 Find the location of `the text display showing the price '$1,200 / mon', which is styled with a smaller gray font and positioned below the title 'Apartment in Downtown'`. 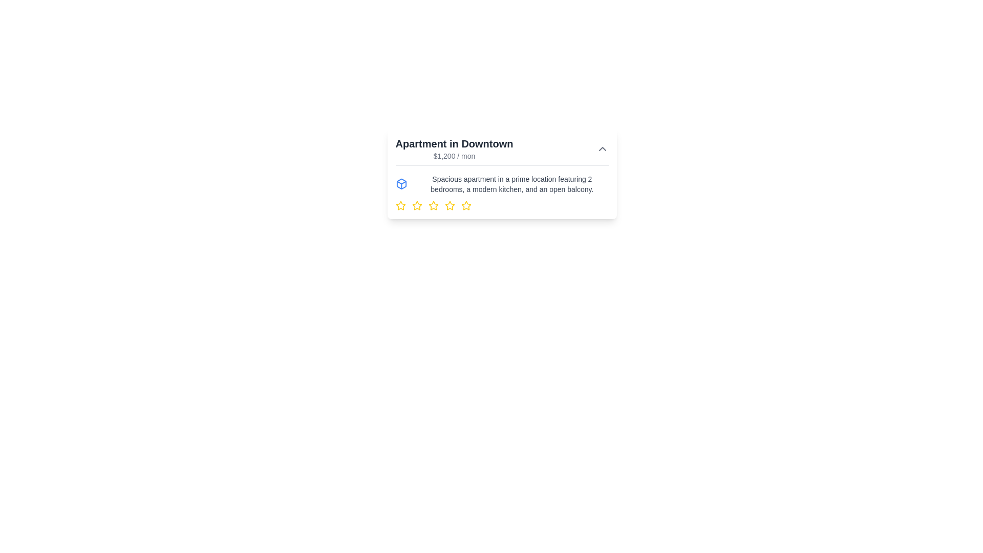

the text display showing the price '$1,200 / mon', which is styled with a smaller gray font and positioned below the title 'Apartment in Downtown' is located at coordinates (454, 156).